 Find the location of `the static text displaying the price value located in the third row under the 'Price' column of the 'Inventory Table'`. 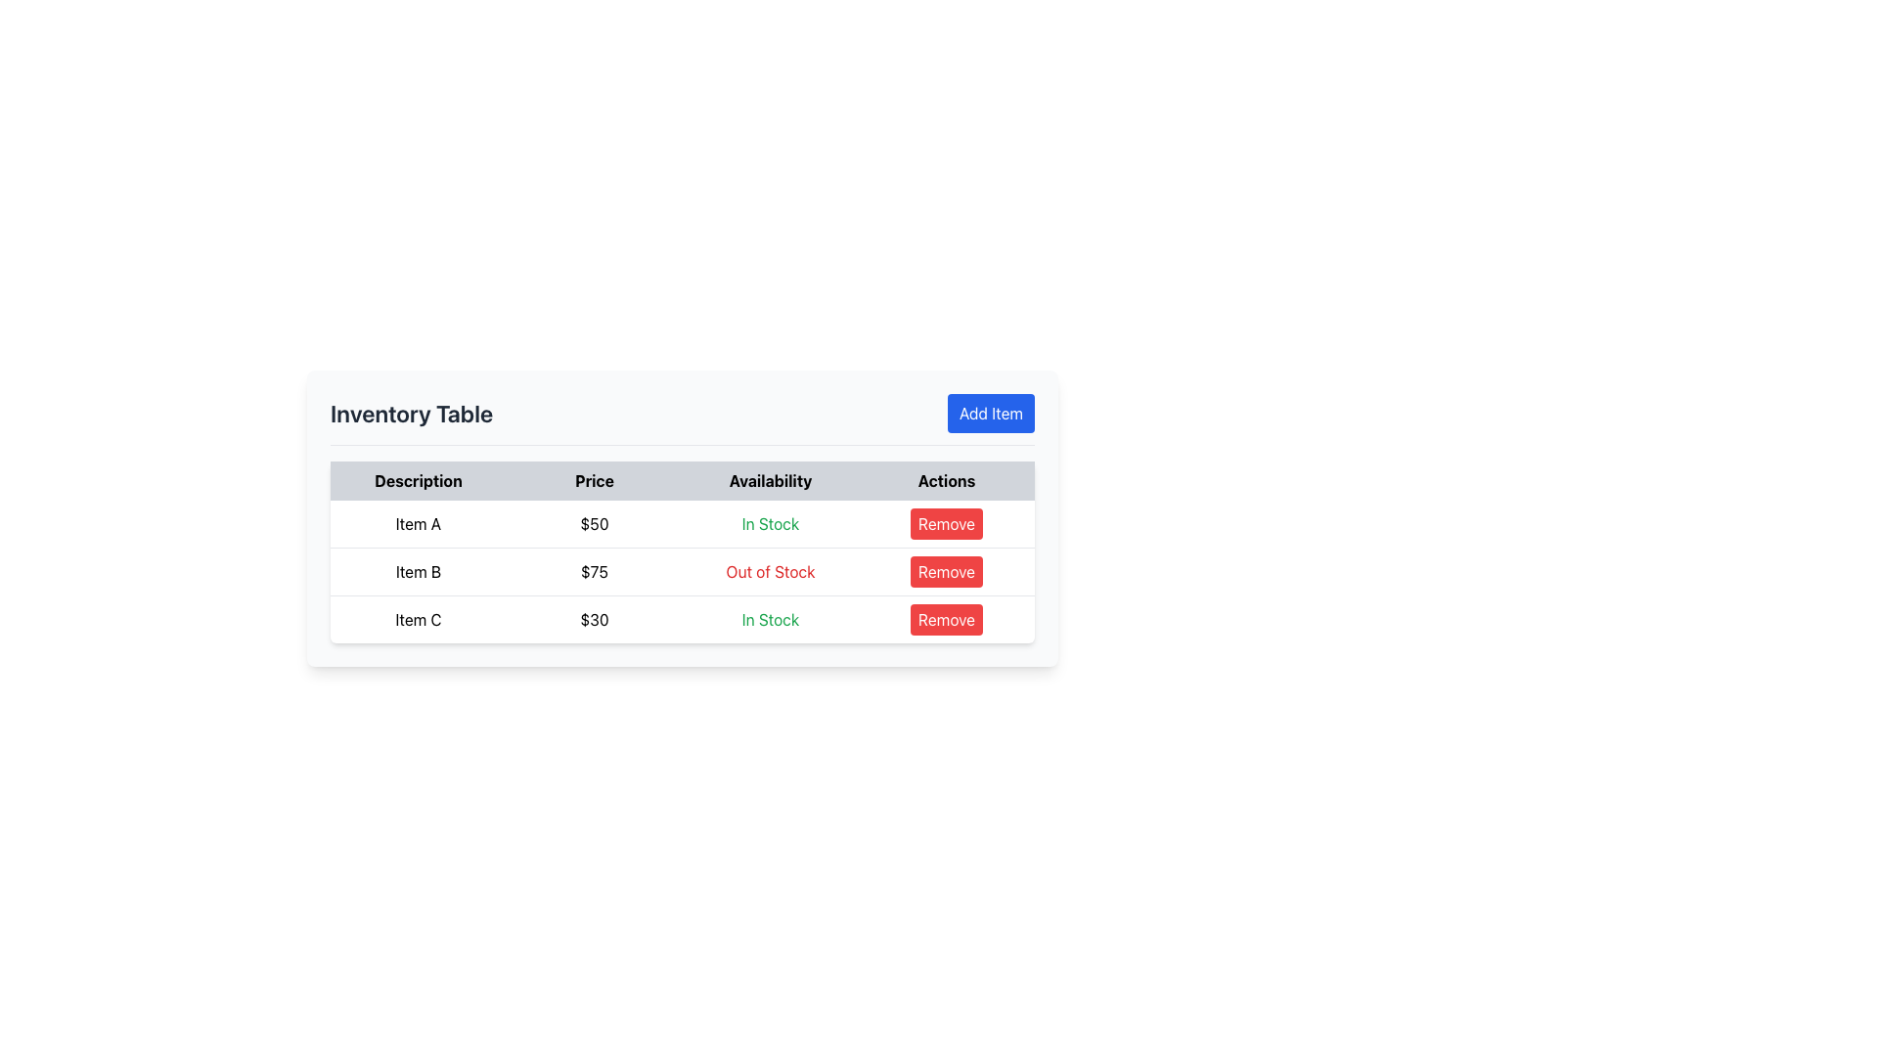

the static text displaying the price value located in the third row under the 'Price' column of the 'Inventory Table' is located at coordinates (594, 618).